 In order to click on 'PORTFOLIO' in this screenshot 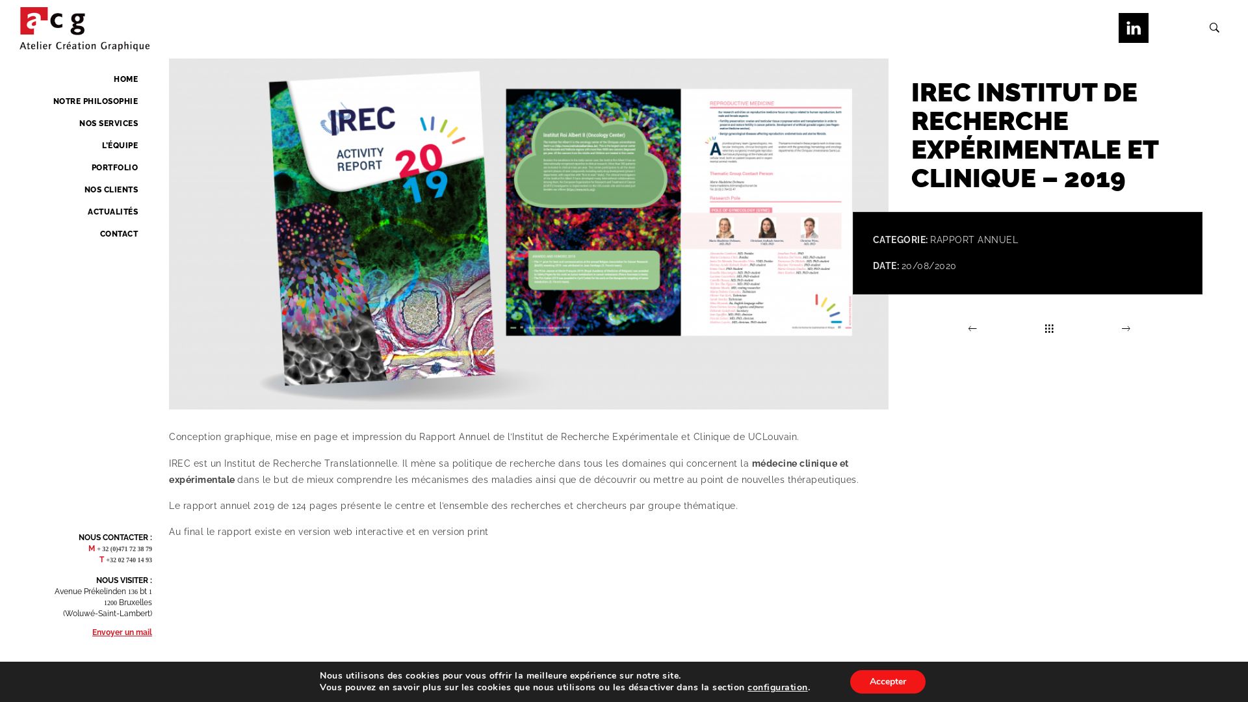, I will do `click(86, 167)`.